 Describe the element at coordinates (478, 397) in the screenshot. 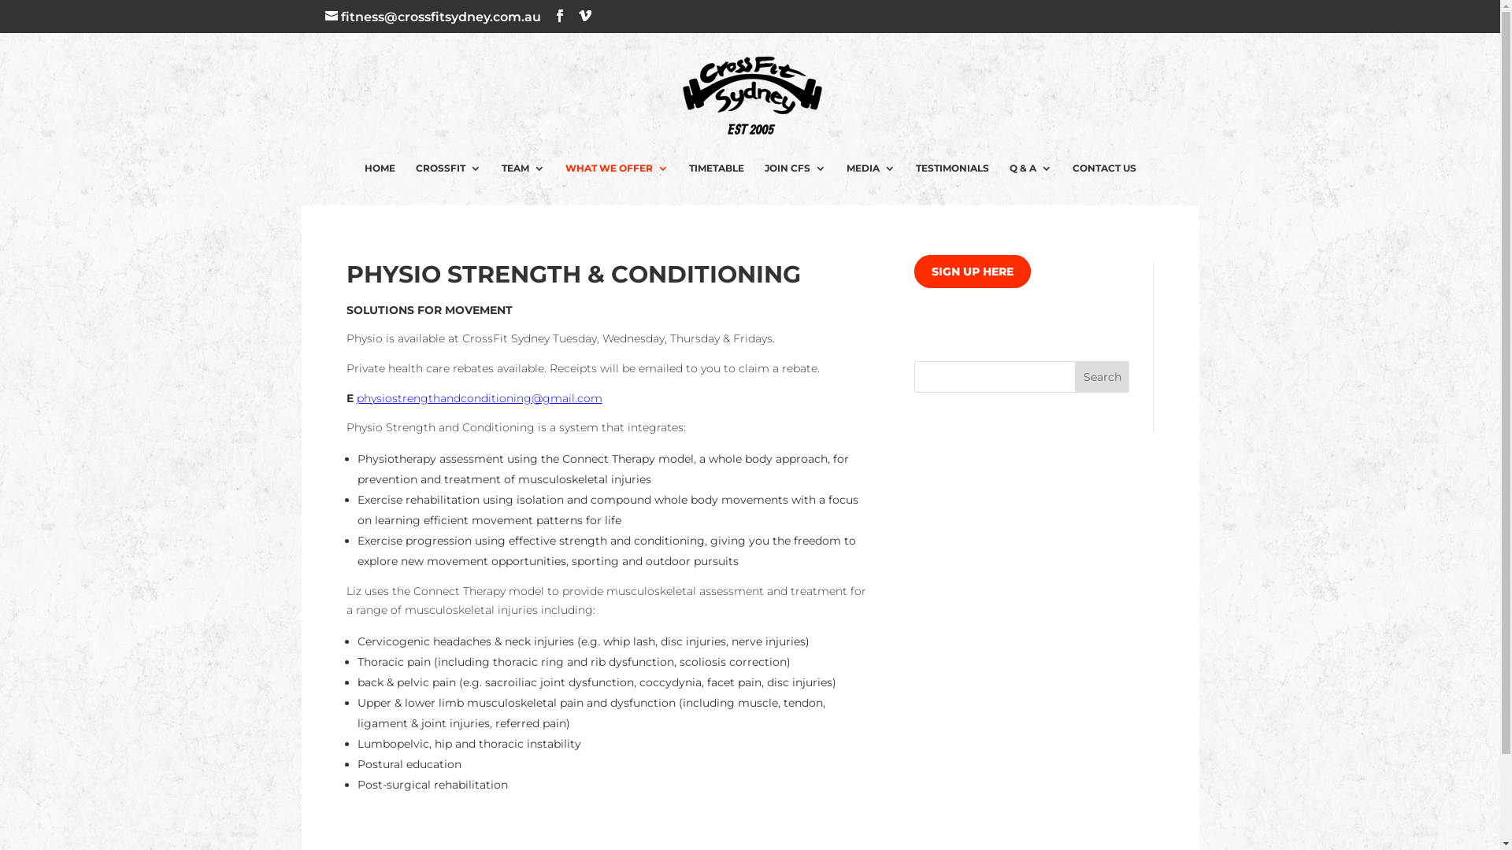

I see `'physiostrengthandconditioning@gmail.com'` at that location.